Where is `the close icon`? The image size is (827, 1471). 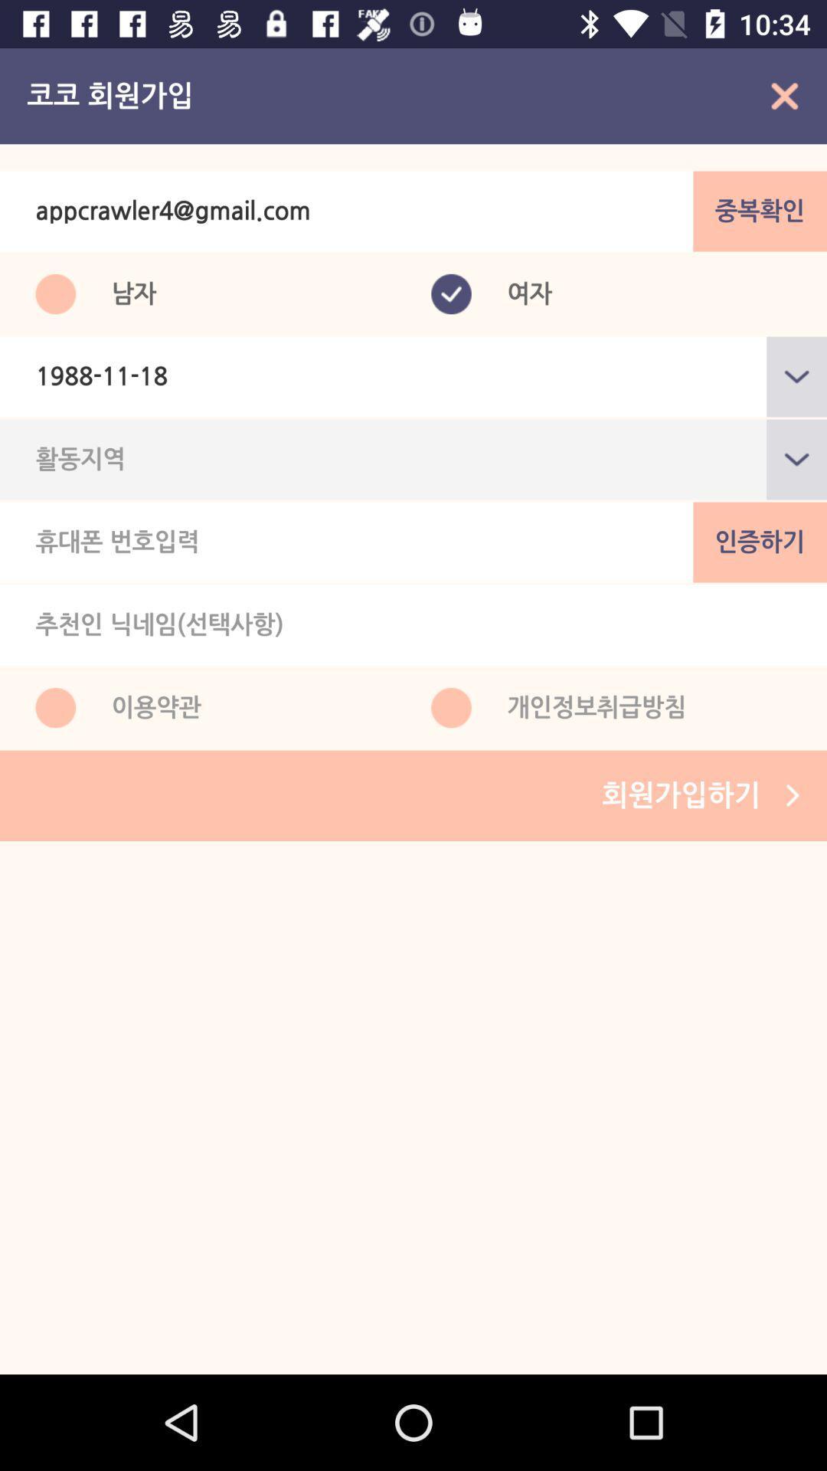
the close icon is located at coordinates (784, 95).